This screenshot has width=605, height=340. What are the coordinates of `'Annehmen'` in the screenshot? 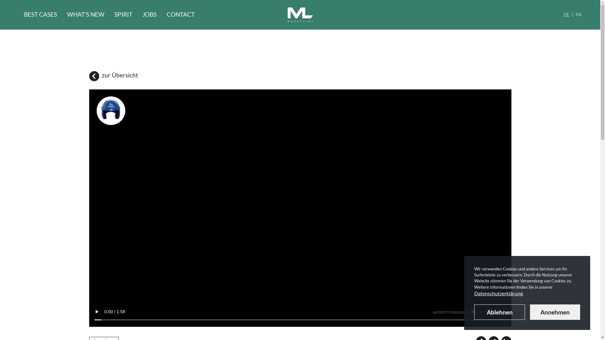 It's located at (555, 312).